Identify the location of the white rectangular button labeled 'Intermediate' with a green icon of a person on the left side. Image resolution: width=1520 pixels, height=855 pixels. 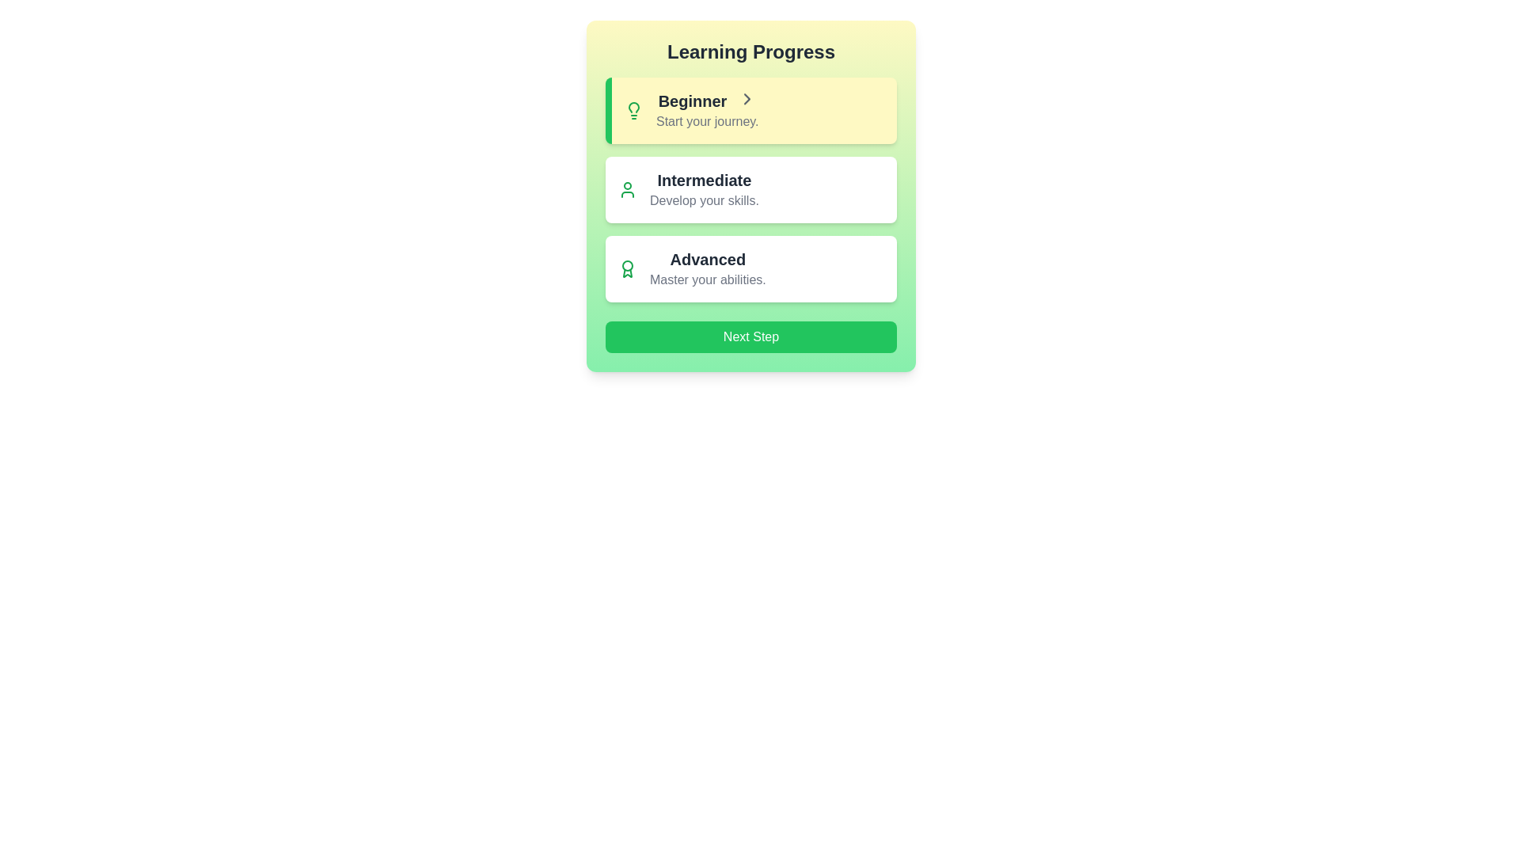
(750, 188).